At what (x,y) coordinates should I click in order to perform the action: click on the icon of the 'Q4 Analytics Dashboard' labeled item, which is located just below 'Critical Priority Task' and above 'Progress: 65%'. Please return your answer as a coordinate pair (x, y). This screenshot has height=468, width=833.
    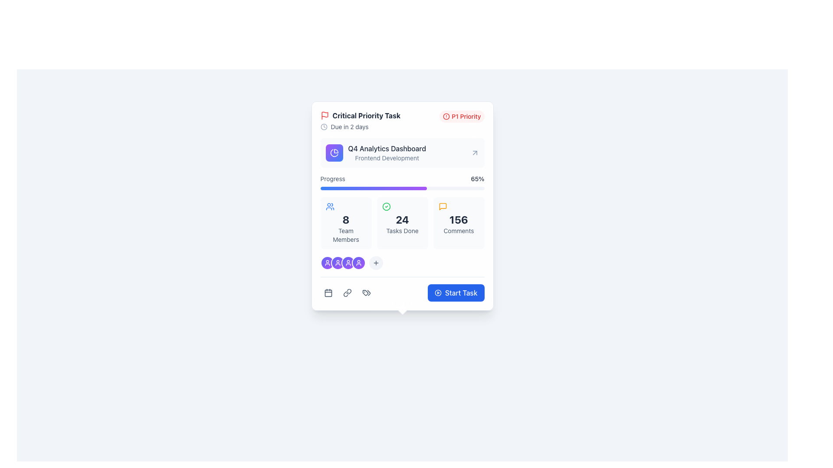
    Looking at the image, I should click on (376, 153).